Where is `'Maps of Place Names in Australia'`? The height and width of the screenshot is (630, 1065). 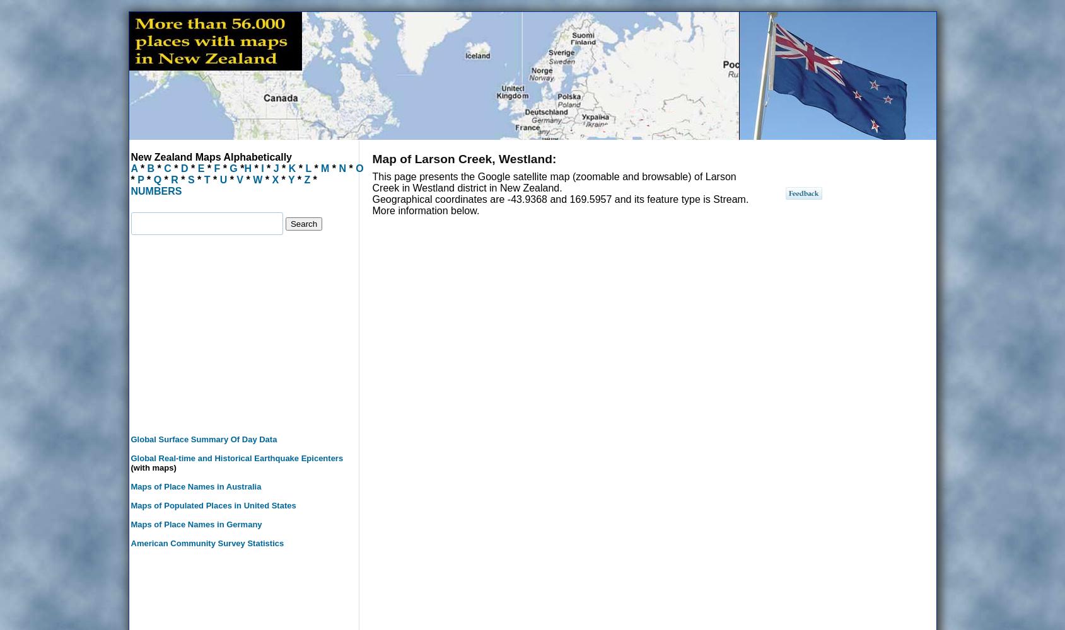 'Maps of Place Names in Australia' is located at coordinates (130, 486).